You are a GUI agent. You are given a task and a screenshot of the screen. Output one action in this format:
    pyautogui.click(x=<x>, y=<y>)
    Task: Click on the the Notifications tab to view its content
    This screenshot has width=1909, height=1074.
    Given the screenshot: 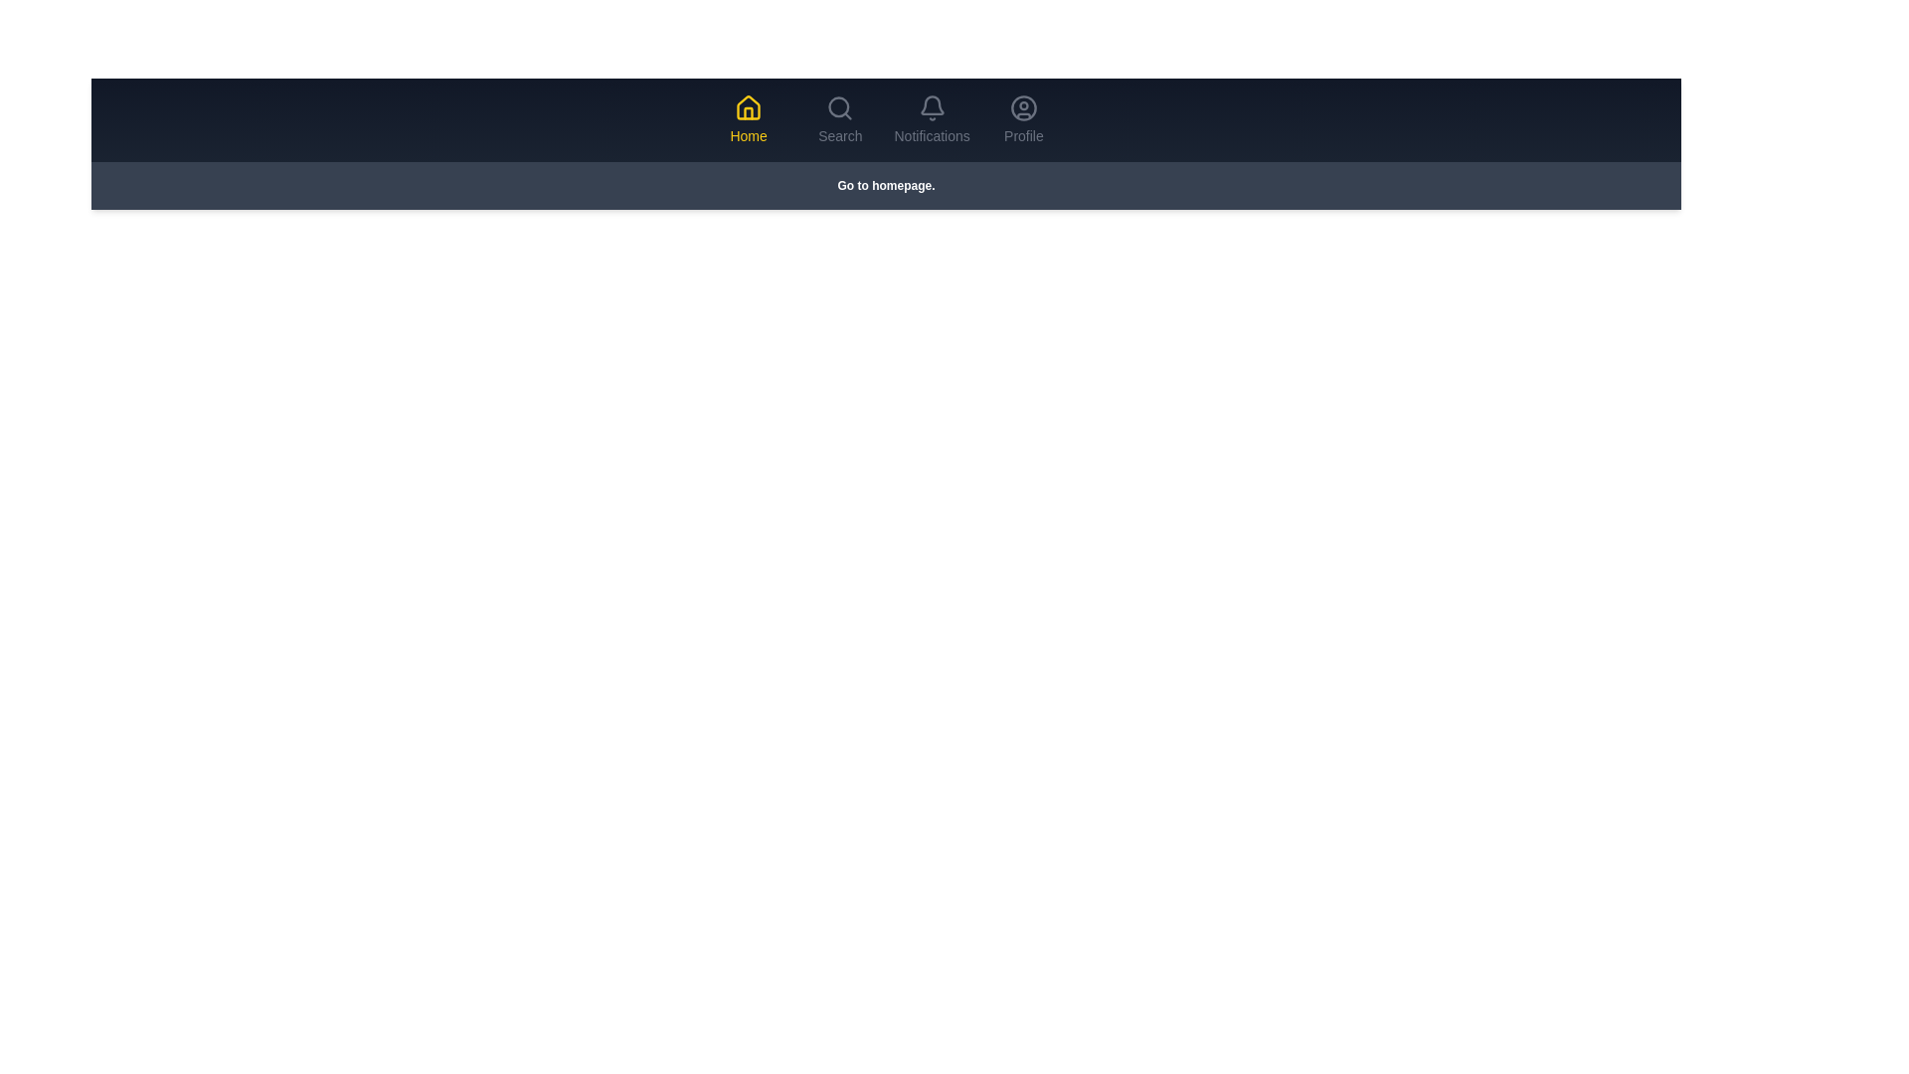 What is the action you would take?
    pyautogui.click(x=931, y=119)
    